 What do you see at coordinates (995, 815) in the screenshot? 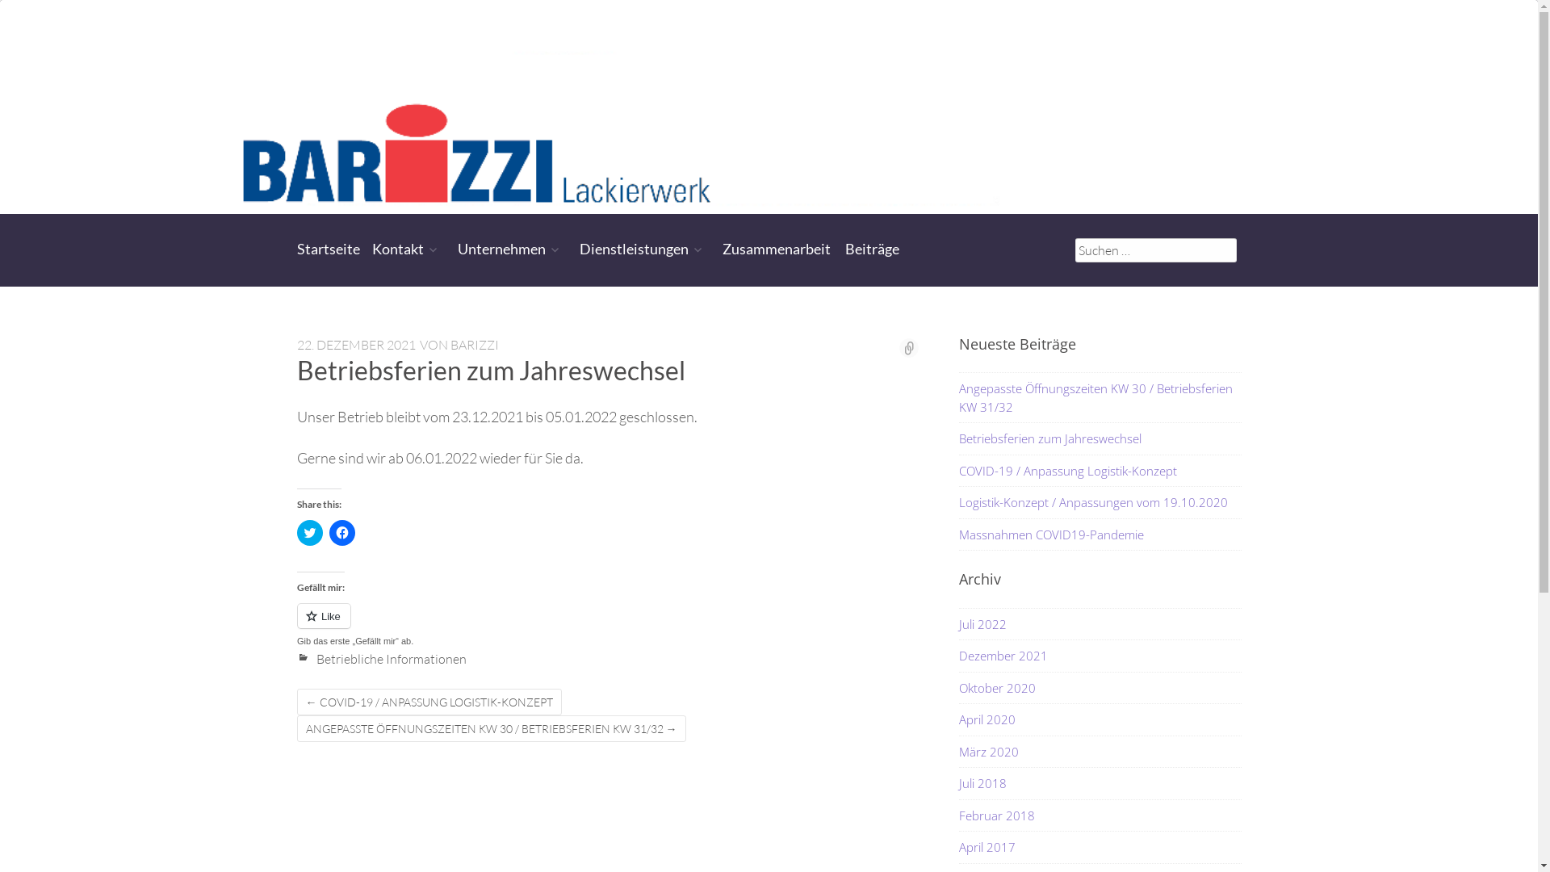
I see `'Februar 2018'` at bounding box center [995, 815].